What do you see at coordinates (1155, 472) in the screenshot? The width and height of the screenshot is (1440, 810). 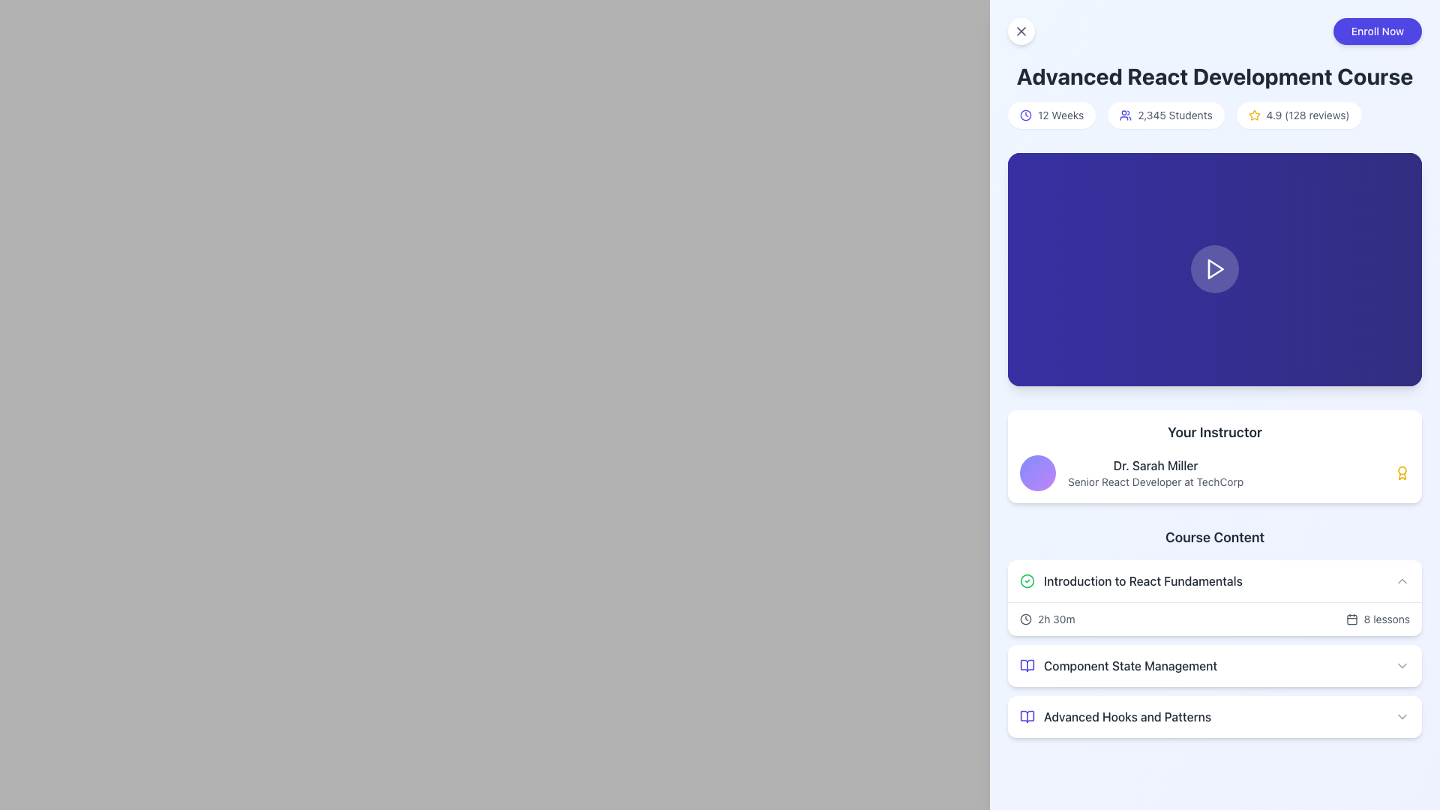 I see `the text label displaying 'Dr. Sarah Miller' and 'Senior React Developer at TechCorp' in the 'Your Instructor' section` at bounding box center [1155, 472].